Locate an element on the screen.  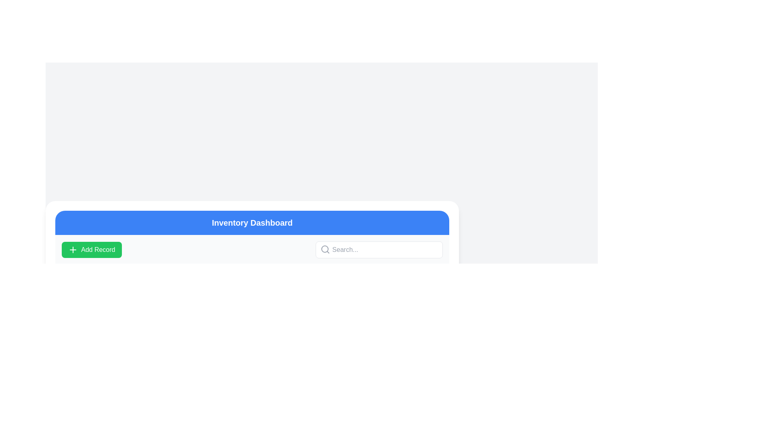
the small search icon resembling a magnifying glass, which has a gray outline and is positioned inside a text input field to the left of the input area is located at coordinates (325, 249).